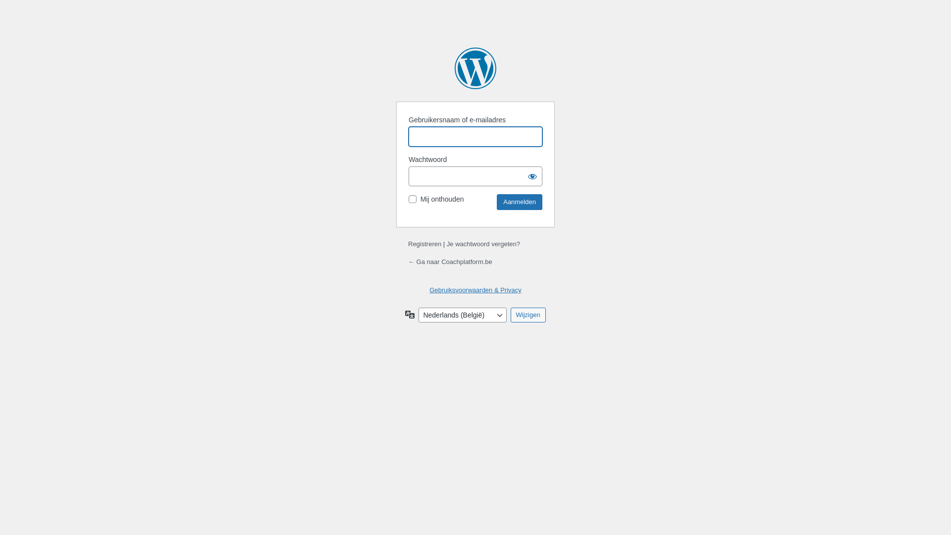 The image size is (951, 535). Describe the element at coordinates (528, 315) in the screenshot. I see `'Wijzigen'` at that location.